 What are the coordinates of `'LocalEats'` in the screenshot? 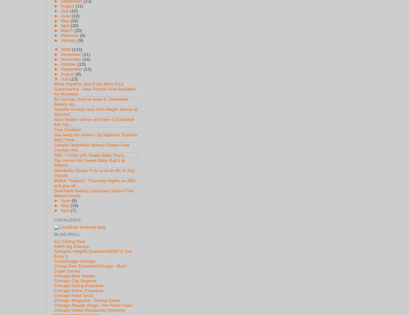 It's located at (67, 219).